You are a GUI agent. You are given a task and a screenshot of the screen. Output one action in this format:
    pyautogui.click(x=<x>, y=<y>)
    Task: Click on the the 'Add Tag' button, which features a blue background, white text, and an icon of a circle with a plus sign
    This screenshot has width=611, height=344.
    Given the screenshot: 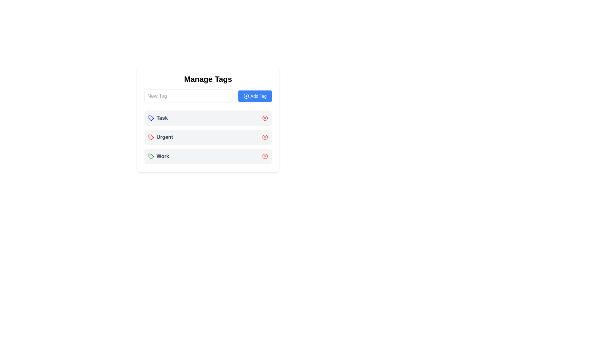 What is the action you would take?
    pyautogui.click(x=255, y=96)
    